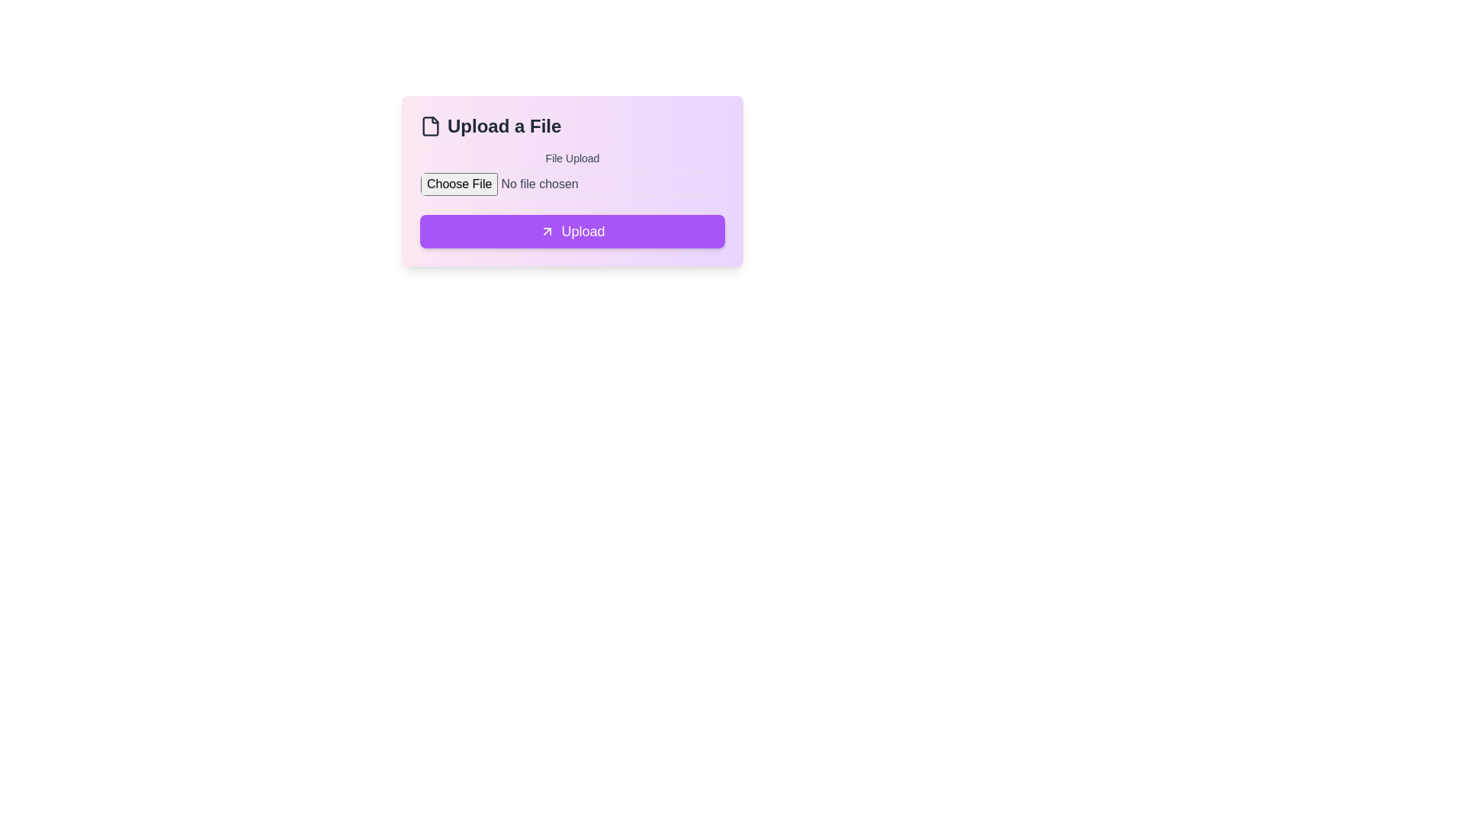 Image resolution: width=1464 pixels, height=823 pixels. What do you see at coordinates (571, 232) in the screenshot?
I see `the 'Upload' button with a purple background and white text` at bounding box center [571, 232].